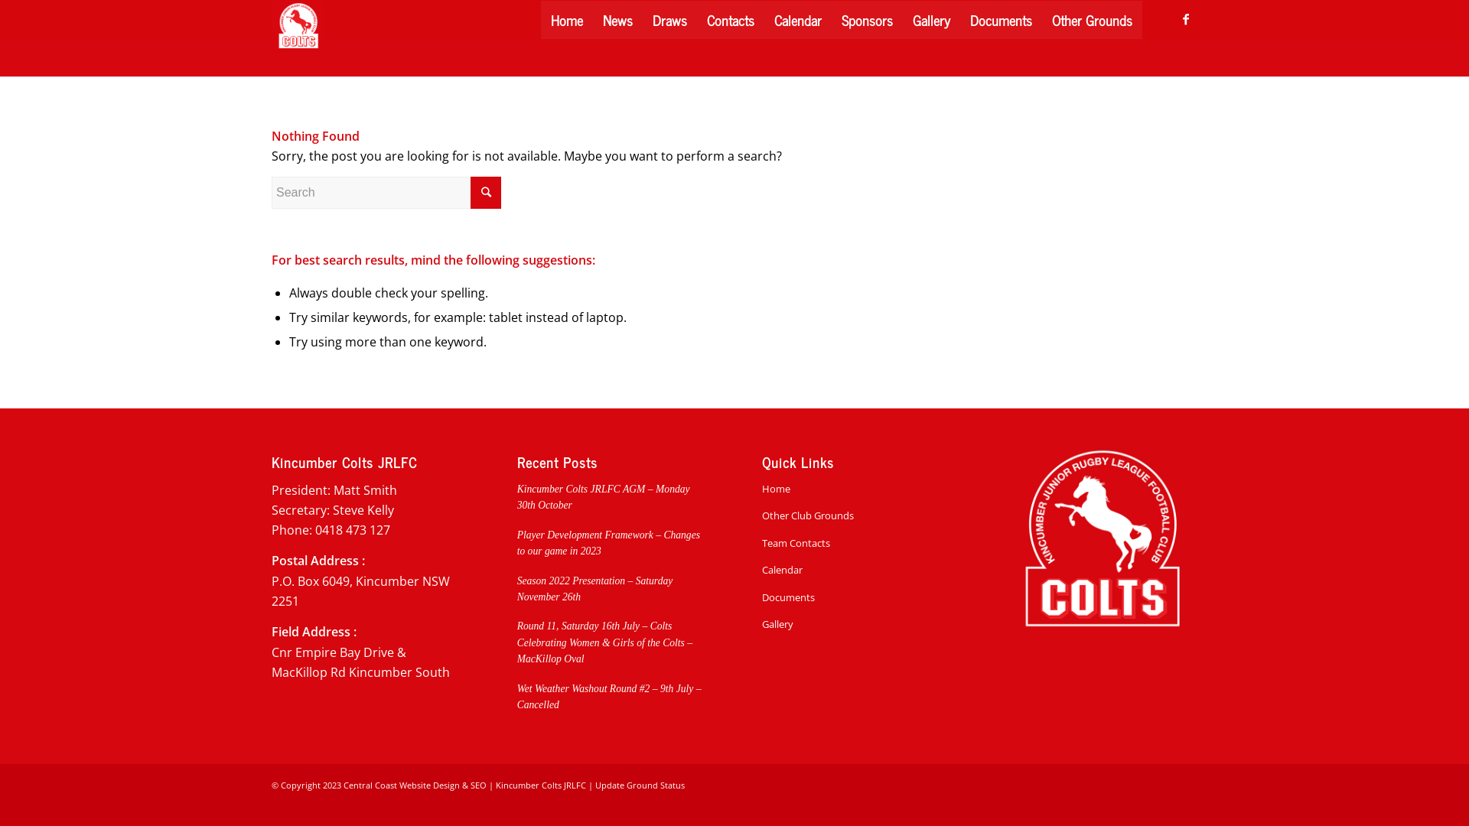 The height and width of the screenshot is (826, 1469). What do you see at coordinates (1185, 18) in the screenshot?
I see `'Facebook'` at bounding box center [1185, 18].